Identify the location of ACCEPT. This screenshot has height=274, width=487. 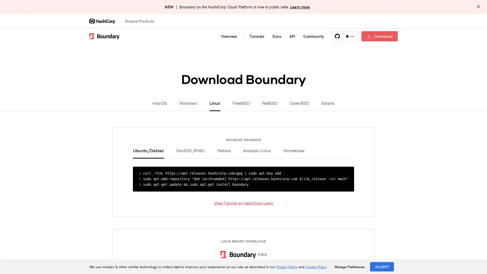
(382, 266).